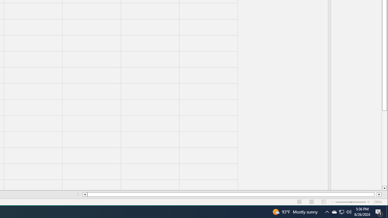 This screenshot has width=388, height=218. What do you see at coordinates (334, 211) in the screenshot?
I see `'Q2790: 100%'` at bounding box center [334, 211].